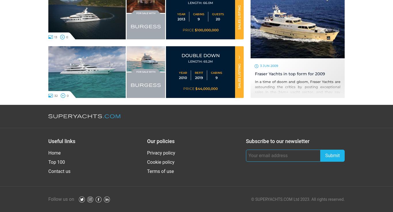  I want to click on 'LENGTH: 67.1m', so click(200, 3).